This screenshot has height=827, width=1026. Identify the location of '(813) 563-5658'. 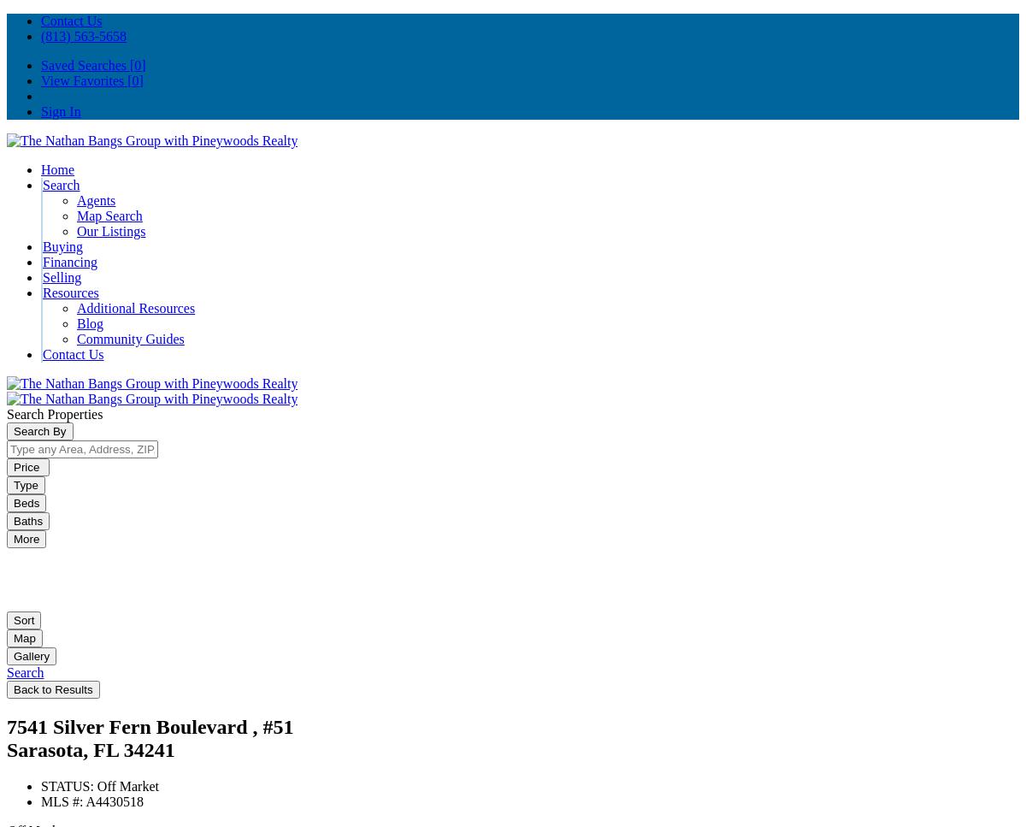
(83, 35).